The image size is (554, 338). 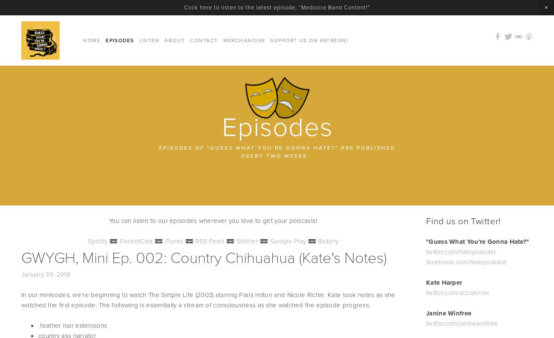 What do you see at coordinates (425, 241) in the screenshot?
I see `'"Guess What You're Gonna Hate?"'` at bounding box center [425, 241].